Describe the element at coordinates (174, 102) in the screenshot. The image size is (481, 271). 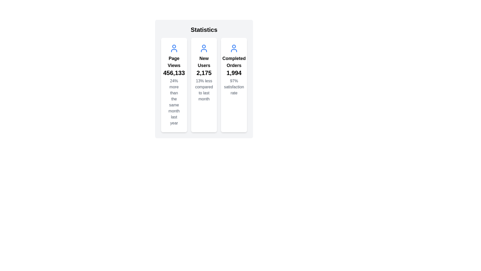
I see `the comparative statistic text related to 'Page Views' which is located under the text 'Page Views' and the numerical text '456,133' in the leftmost panel` at that location.